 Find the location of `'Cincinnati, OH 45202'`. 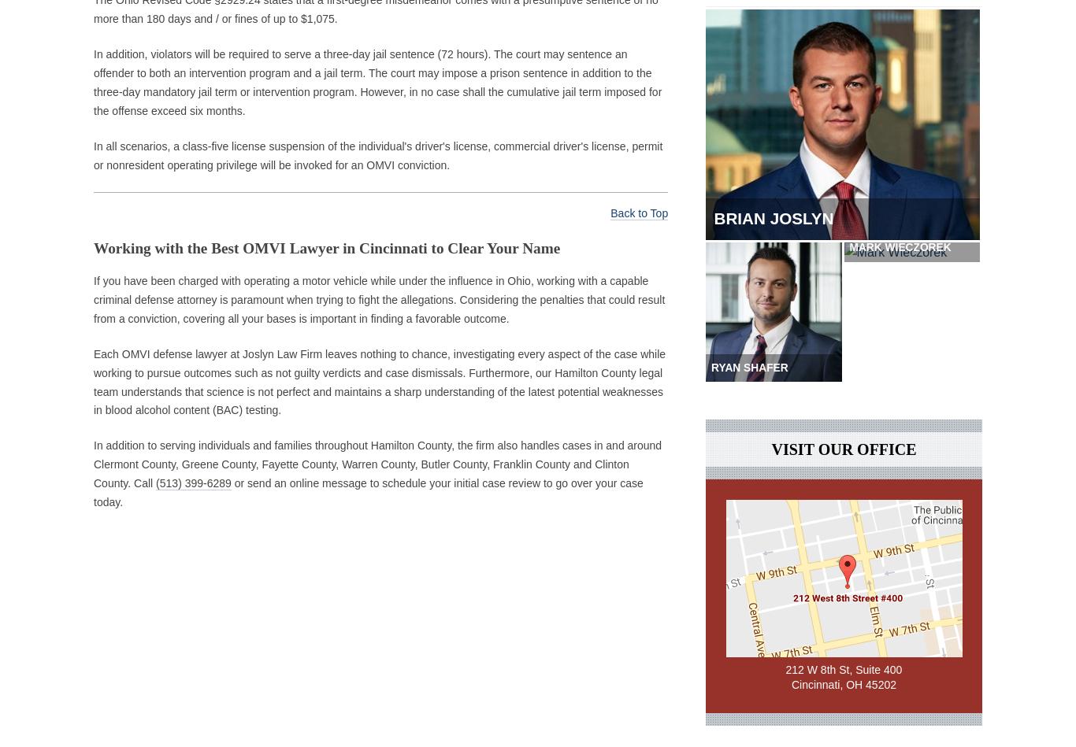

'Cincinnati, OH 45202' is located at coordinates (842, 692).